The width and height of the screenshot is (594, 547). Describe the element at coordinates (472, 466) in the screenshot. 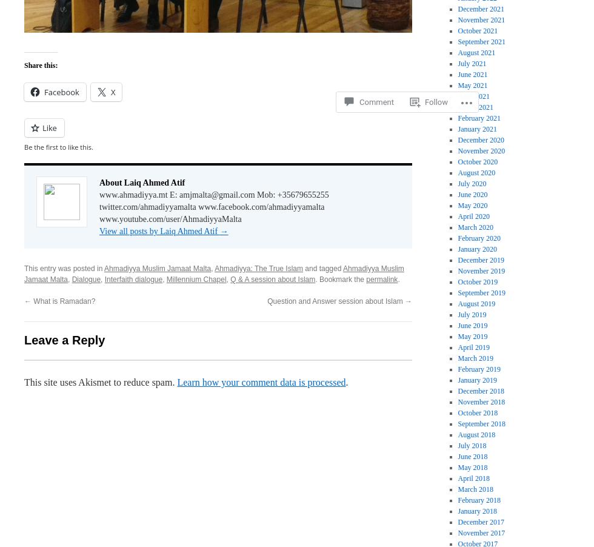

I see `'May 2018'` at that location.